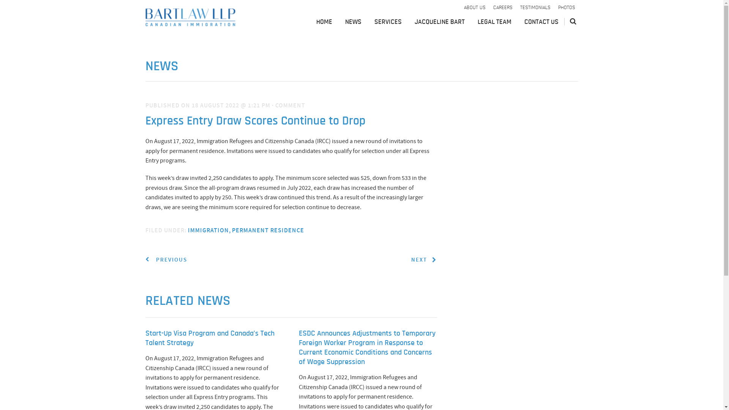 The image size is (729, 410). I want to click on 'ABOUT US', so click(474, 8).